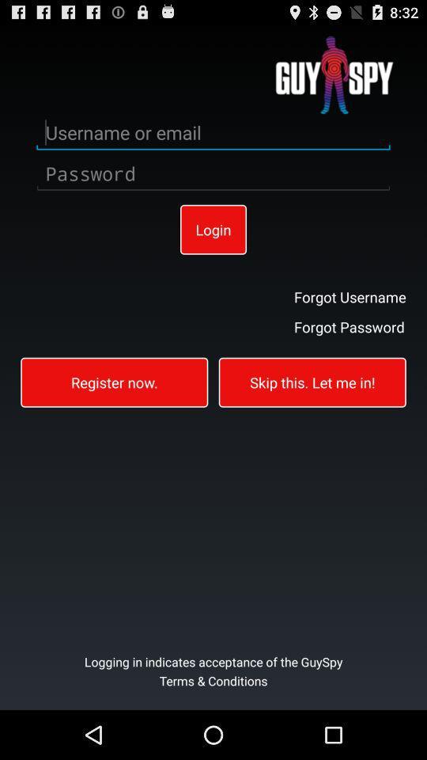  I want to click on button above skip this let item, so click(350, 325).